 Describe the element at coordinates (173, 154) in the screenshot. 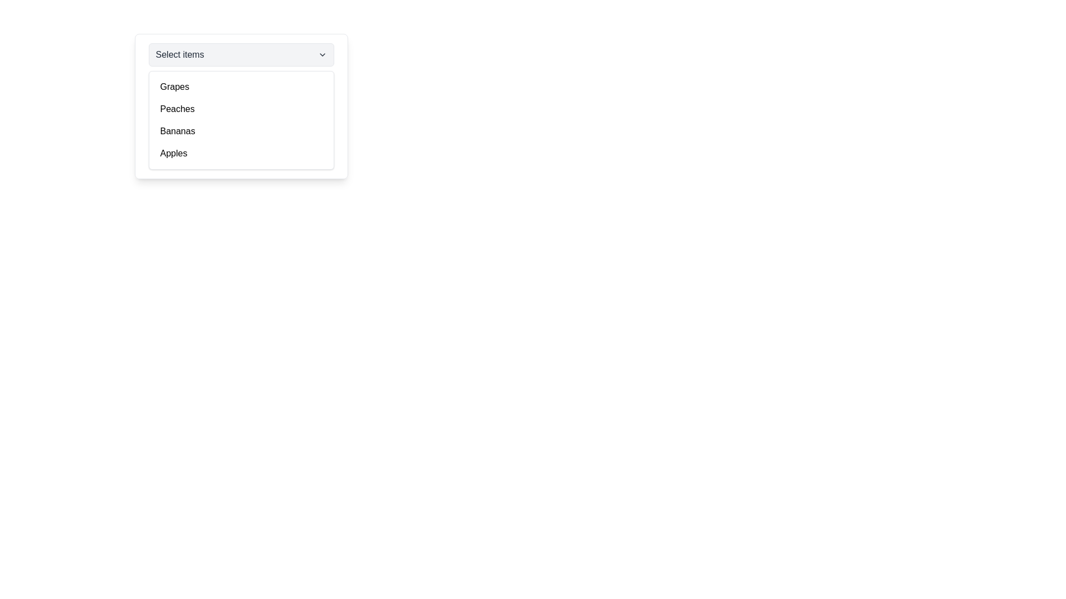

I see `the 'Apples' item in the dropdown selection menu` at that location.